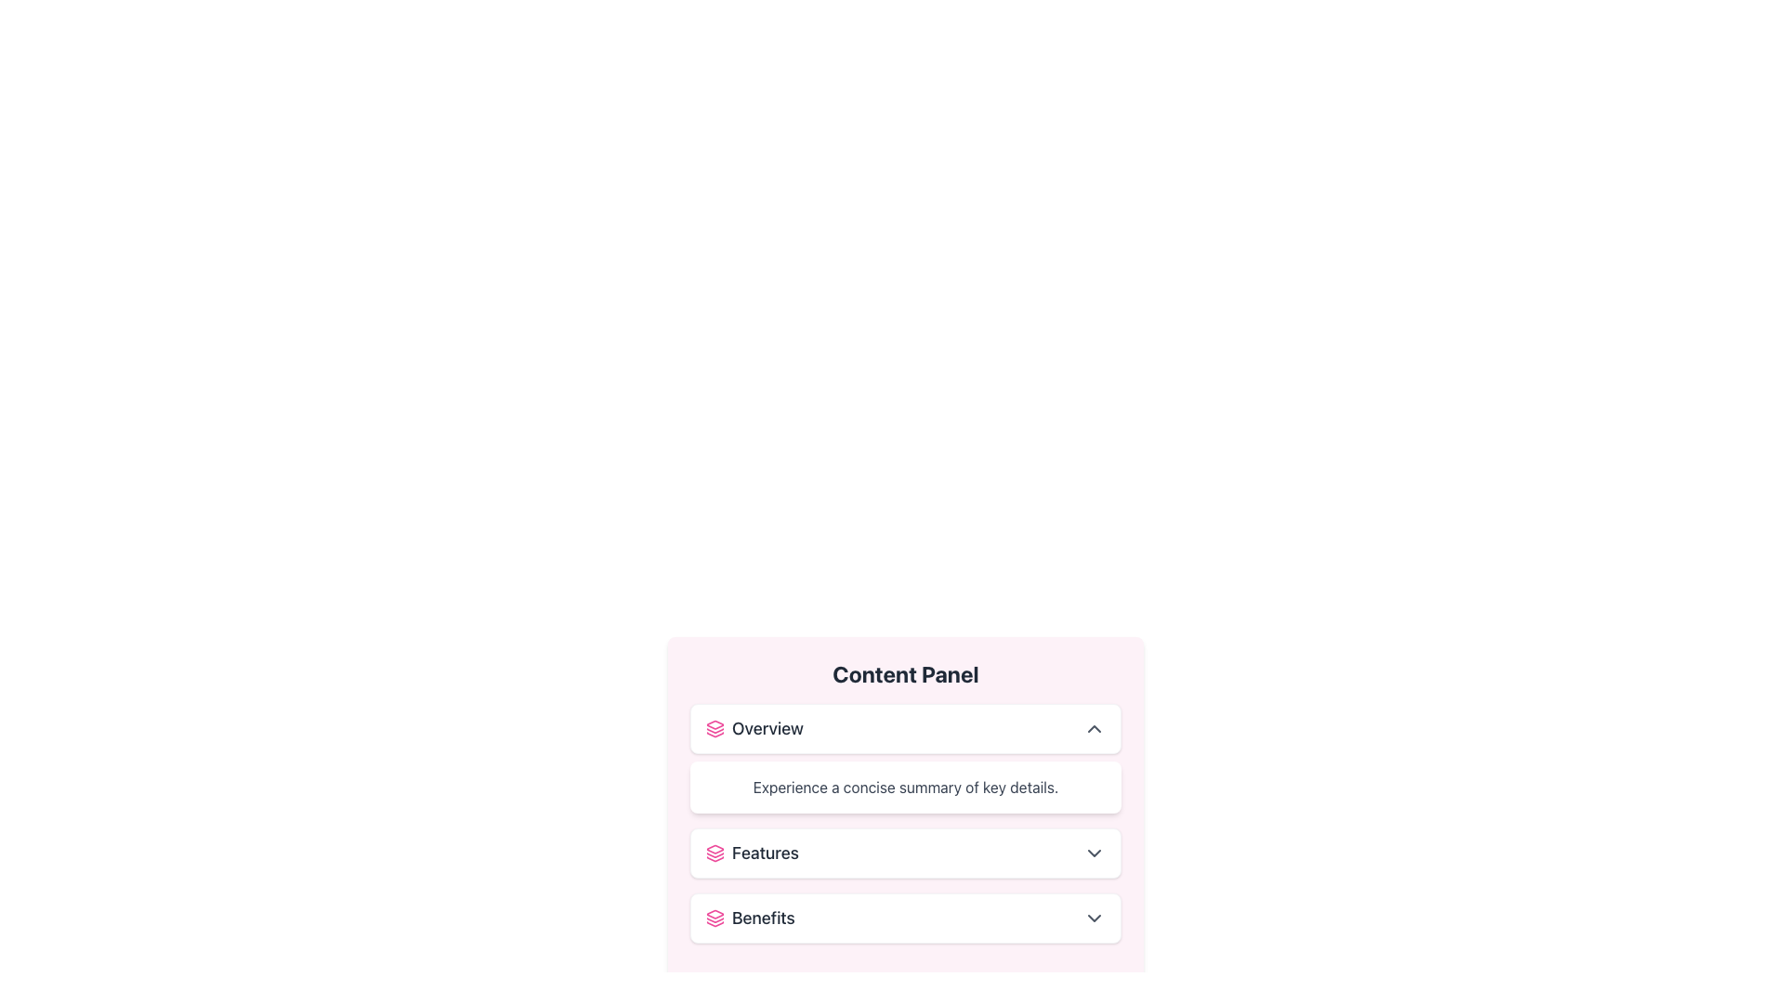 Image resolution: width=1784 pixels, height=1003 pixels. Describe the element at coordinates (750, 917) in the screenshot. I see `text from the 'Benefits' text label styled in medium-sized gray font, located adjacent to a pink icon resembling layered sheets` at that location.